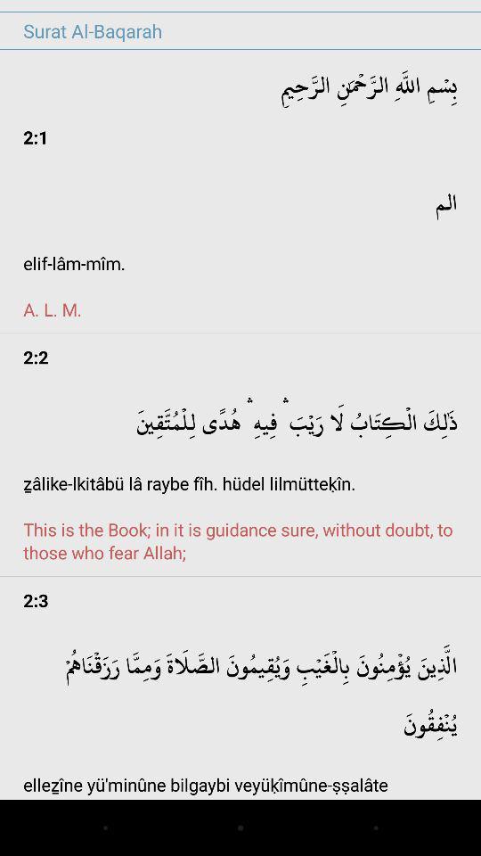 The height and width of the screenshot is (856, 481). Describe the element at coordinates (240, 245) in the screenshot. I see `app below 2:1 app` at that location.